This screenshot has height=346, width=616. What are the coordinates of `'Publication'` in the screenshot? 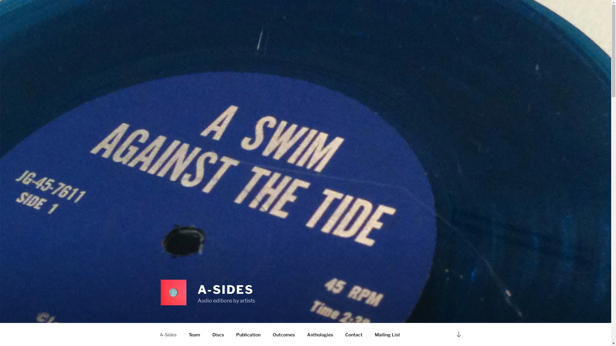 It's located at (248, 334).